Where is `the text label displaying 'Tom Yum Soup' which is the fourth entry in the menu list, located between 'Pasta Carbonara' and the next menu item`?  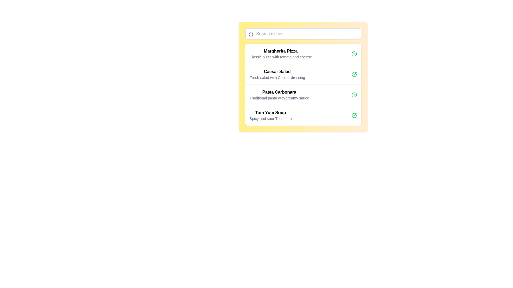 the text label displaying 'Tom Yum Soup' which is the fourth entry in the menu list, located between 'Pasta Carbonara' and the next menu item is located at coordinates (270, 115).